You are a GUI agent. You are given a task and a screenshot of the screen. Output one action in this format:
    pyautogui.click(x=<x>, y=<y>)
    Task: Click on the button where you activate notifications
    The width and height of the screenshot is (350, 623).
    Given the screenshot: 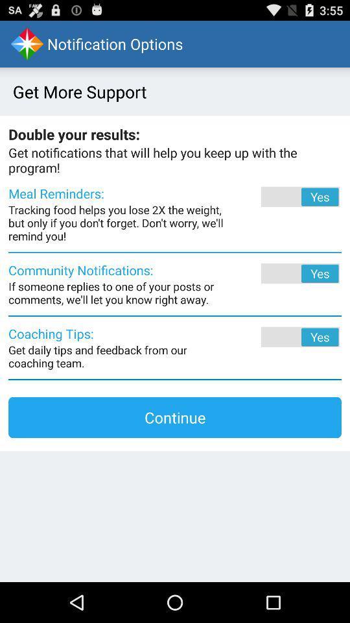 What is the action you would take?
    pyautogui.click(x=282, y=273)
    